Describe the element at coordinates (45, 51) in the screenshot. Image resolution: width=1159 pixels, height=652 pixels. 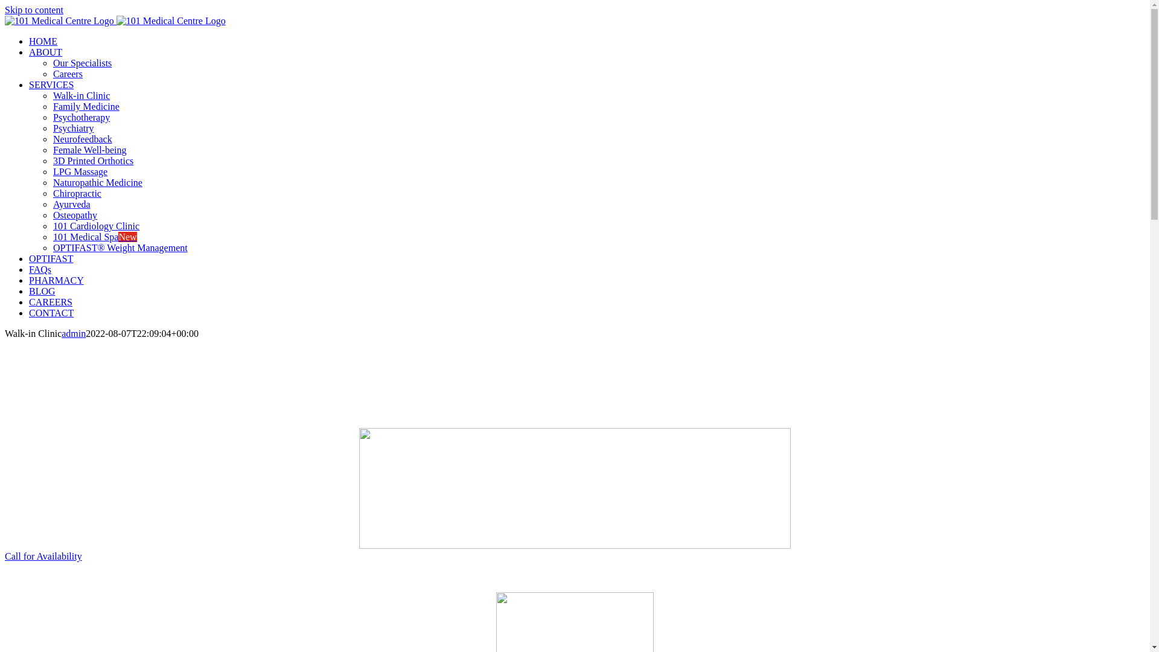
I see `'ABOUT'` at that location.